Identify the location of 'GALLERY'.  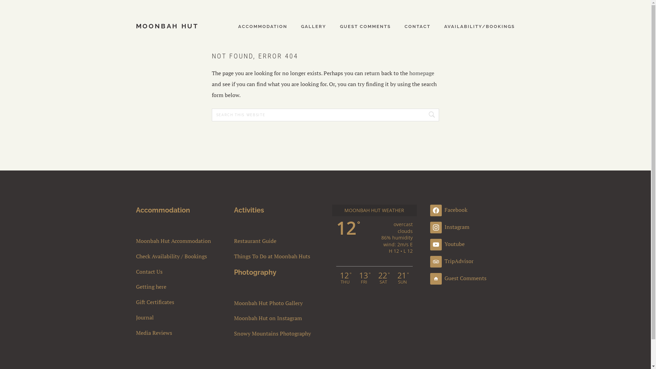
(301, 26).